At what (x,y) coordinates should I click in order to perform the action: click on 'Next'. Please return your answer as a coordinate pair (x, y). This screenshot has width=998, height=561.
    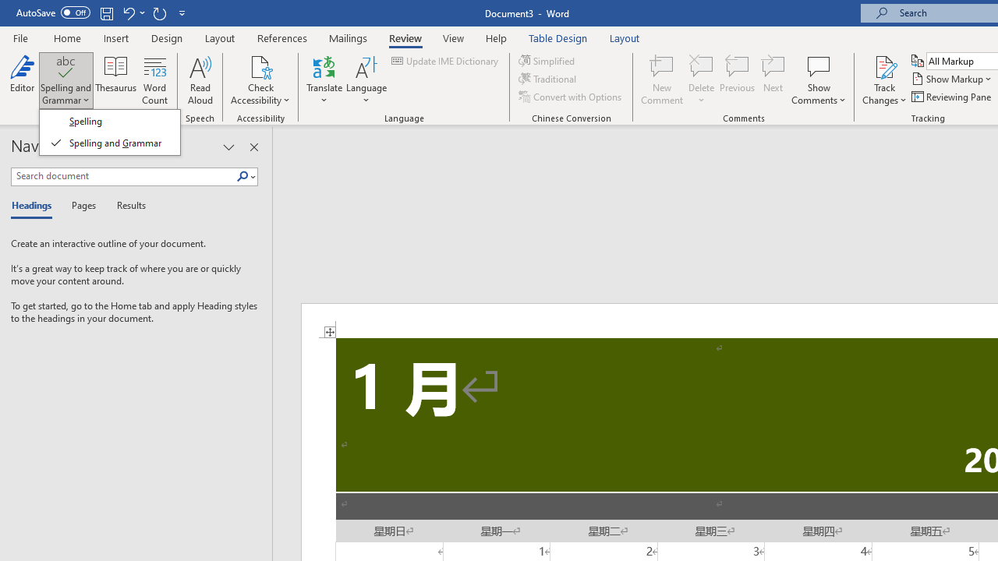
    Looking at the image, I should click on (773, 80).